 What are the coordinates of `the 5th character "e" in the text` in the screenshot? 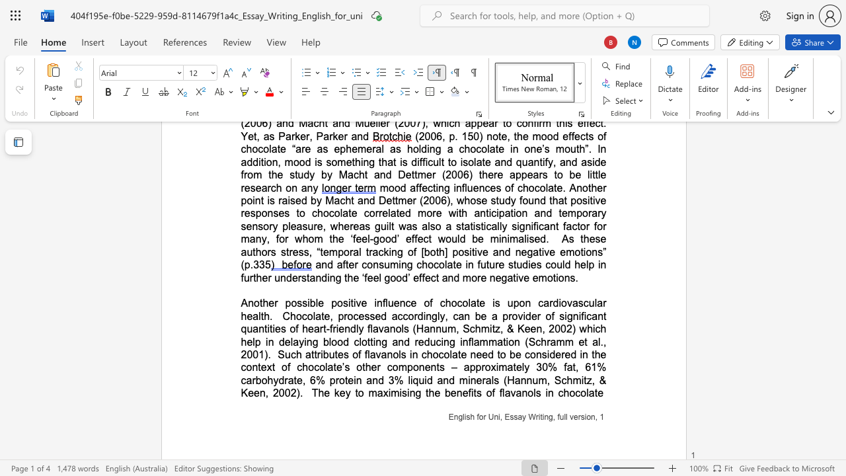 It's located at (413, 303).